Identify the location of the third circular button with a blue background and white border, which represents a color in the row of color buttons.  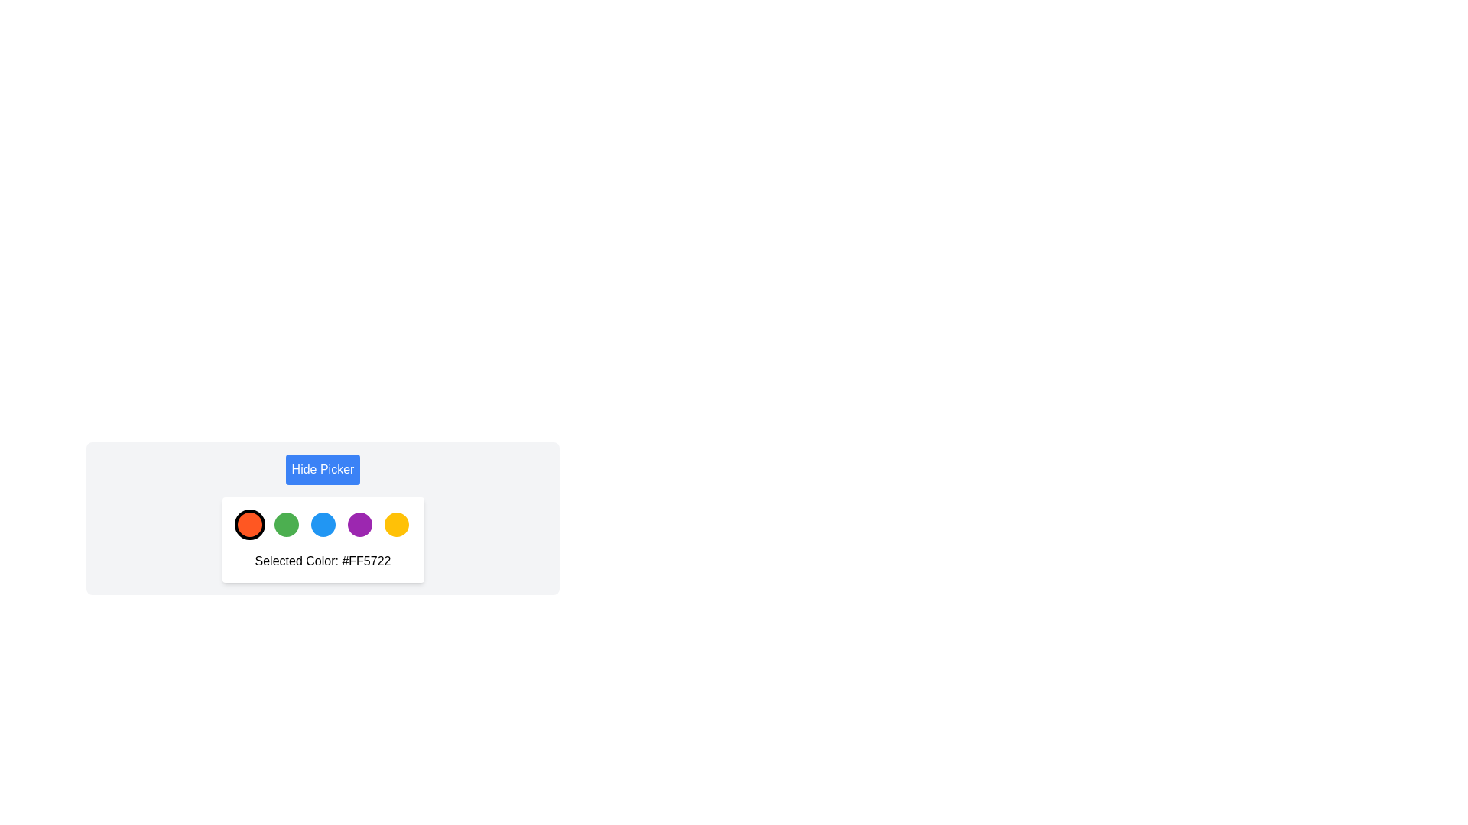
(322, 517).